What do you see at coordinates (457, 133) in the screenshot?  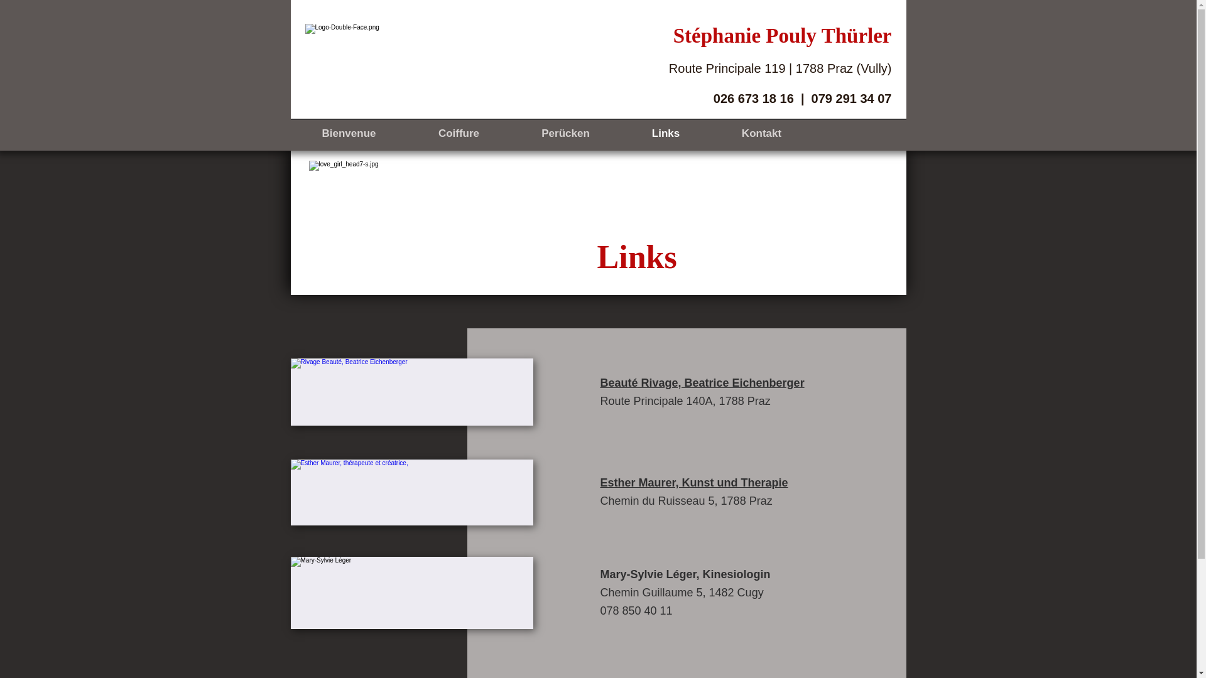 I see `'Coiffure'` at bounding box center [457, 133].